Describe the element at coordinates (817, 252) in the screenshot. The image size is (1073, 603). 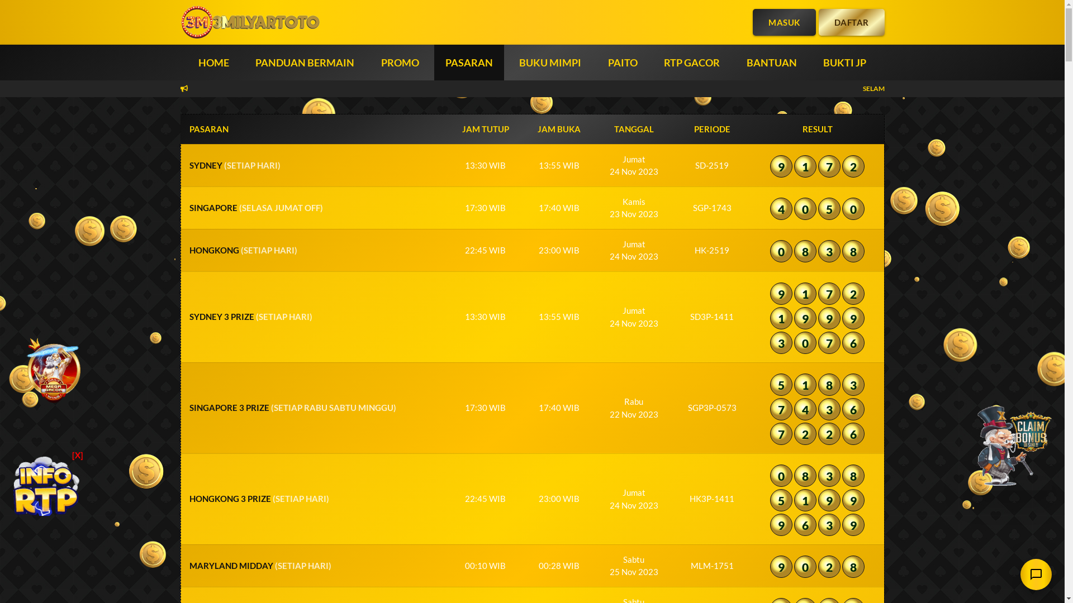
I see `'0 8 3 8'` at that location.